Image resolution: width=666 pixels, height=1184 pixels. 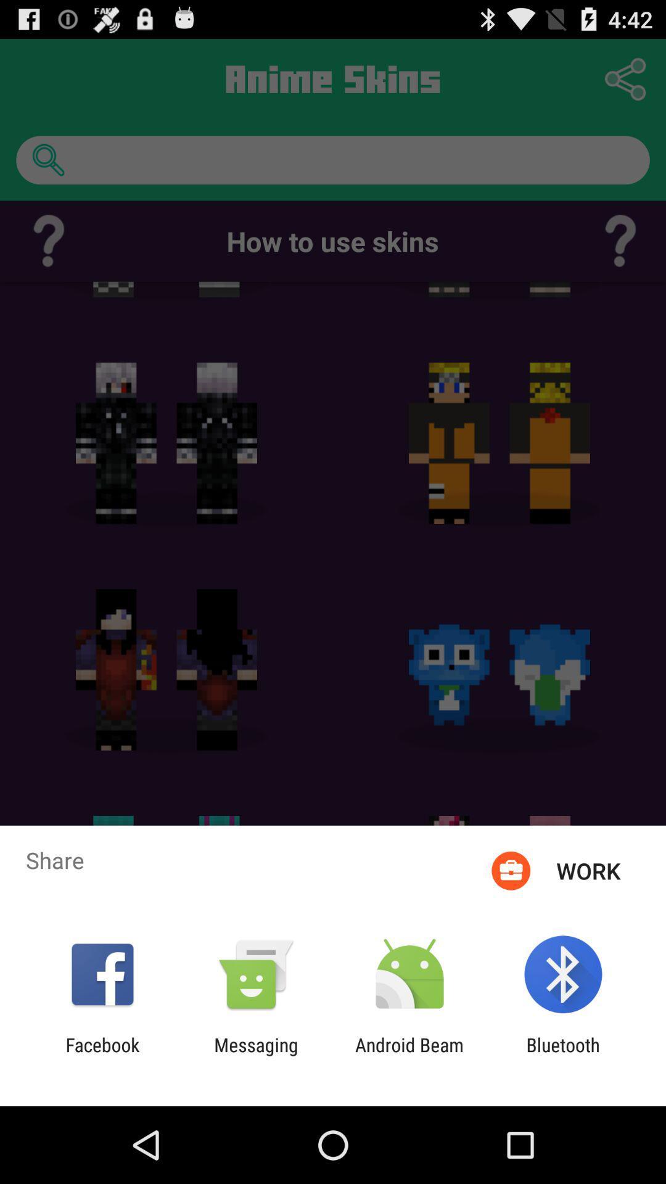 I want to click on the android beam icon, so click(x=409, y=1055).